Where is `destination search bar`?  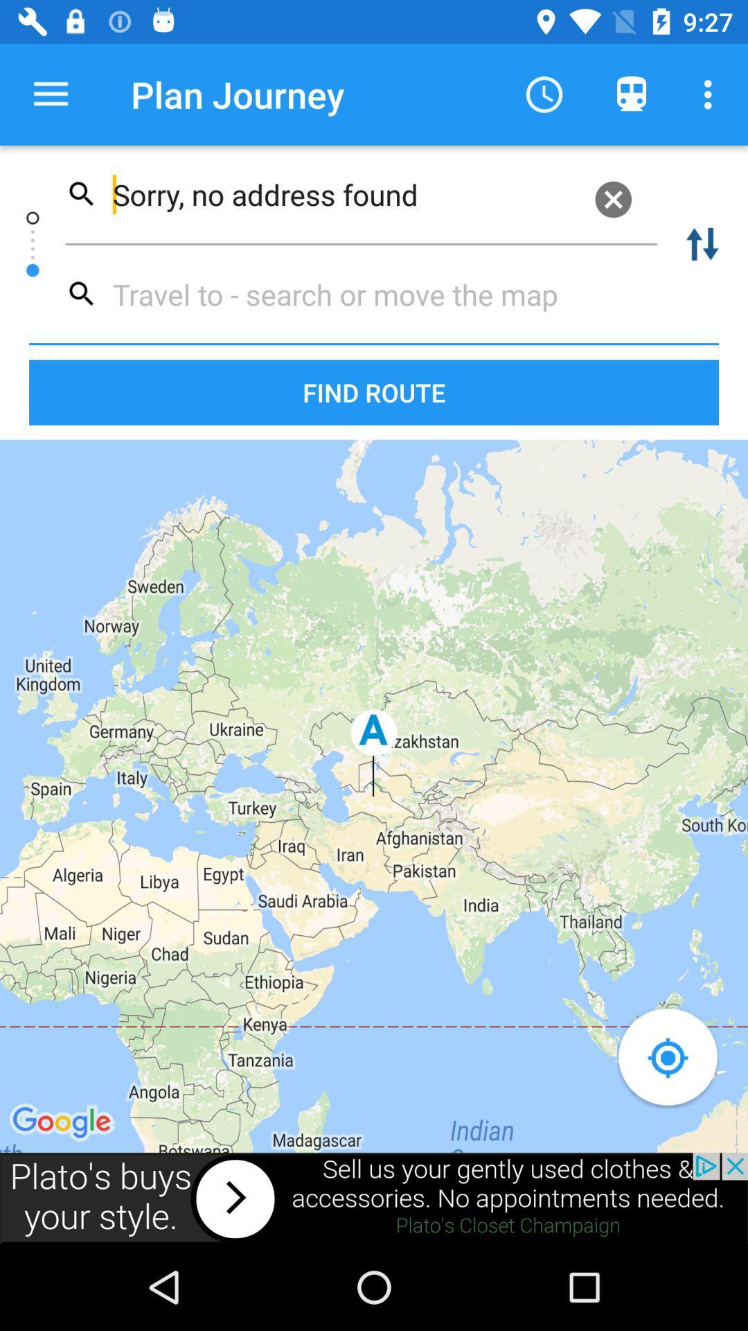
destination search bar is located at coordinates (355, 293).